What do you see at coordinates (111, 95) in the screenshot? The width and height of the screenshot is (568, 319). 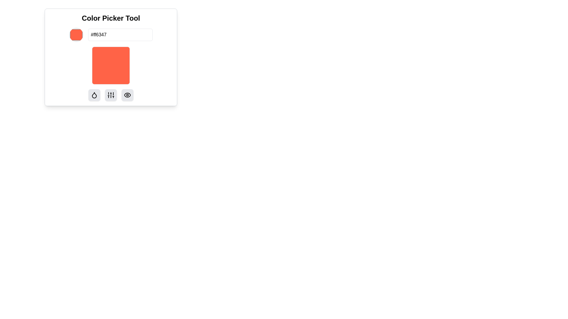 I see `the second interactive button in the 'Color Picker Tool' interface` at bounding box center [111, 95].